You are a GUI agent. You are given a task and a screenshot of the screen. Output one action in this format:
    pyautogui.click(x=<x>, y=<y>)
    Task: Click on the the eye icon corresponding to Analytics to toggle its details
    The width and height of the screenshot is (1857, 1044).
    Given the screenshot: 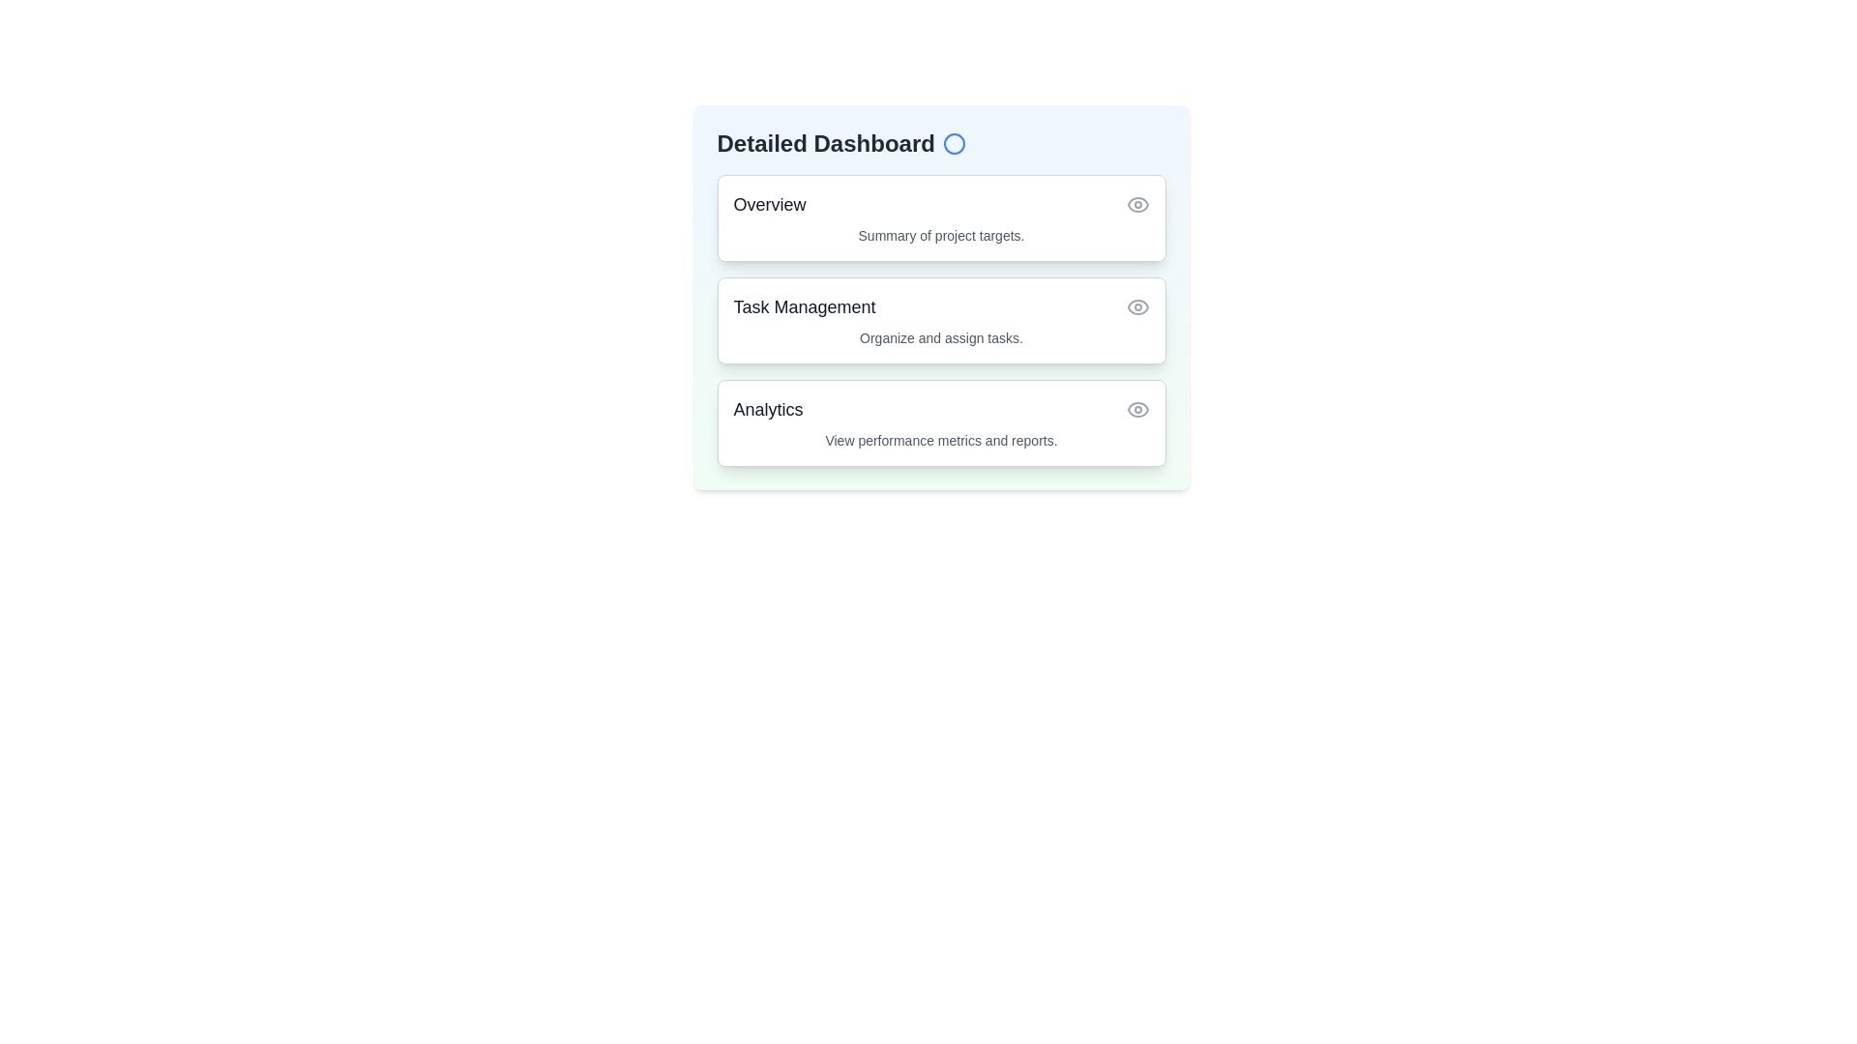 What is the action you would take?
    pyautogui.click(x=1137, y=409)
    